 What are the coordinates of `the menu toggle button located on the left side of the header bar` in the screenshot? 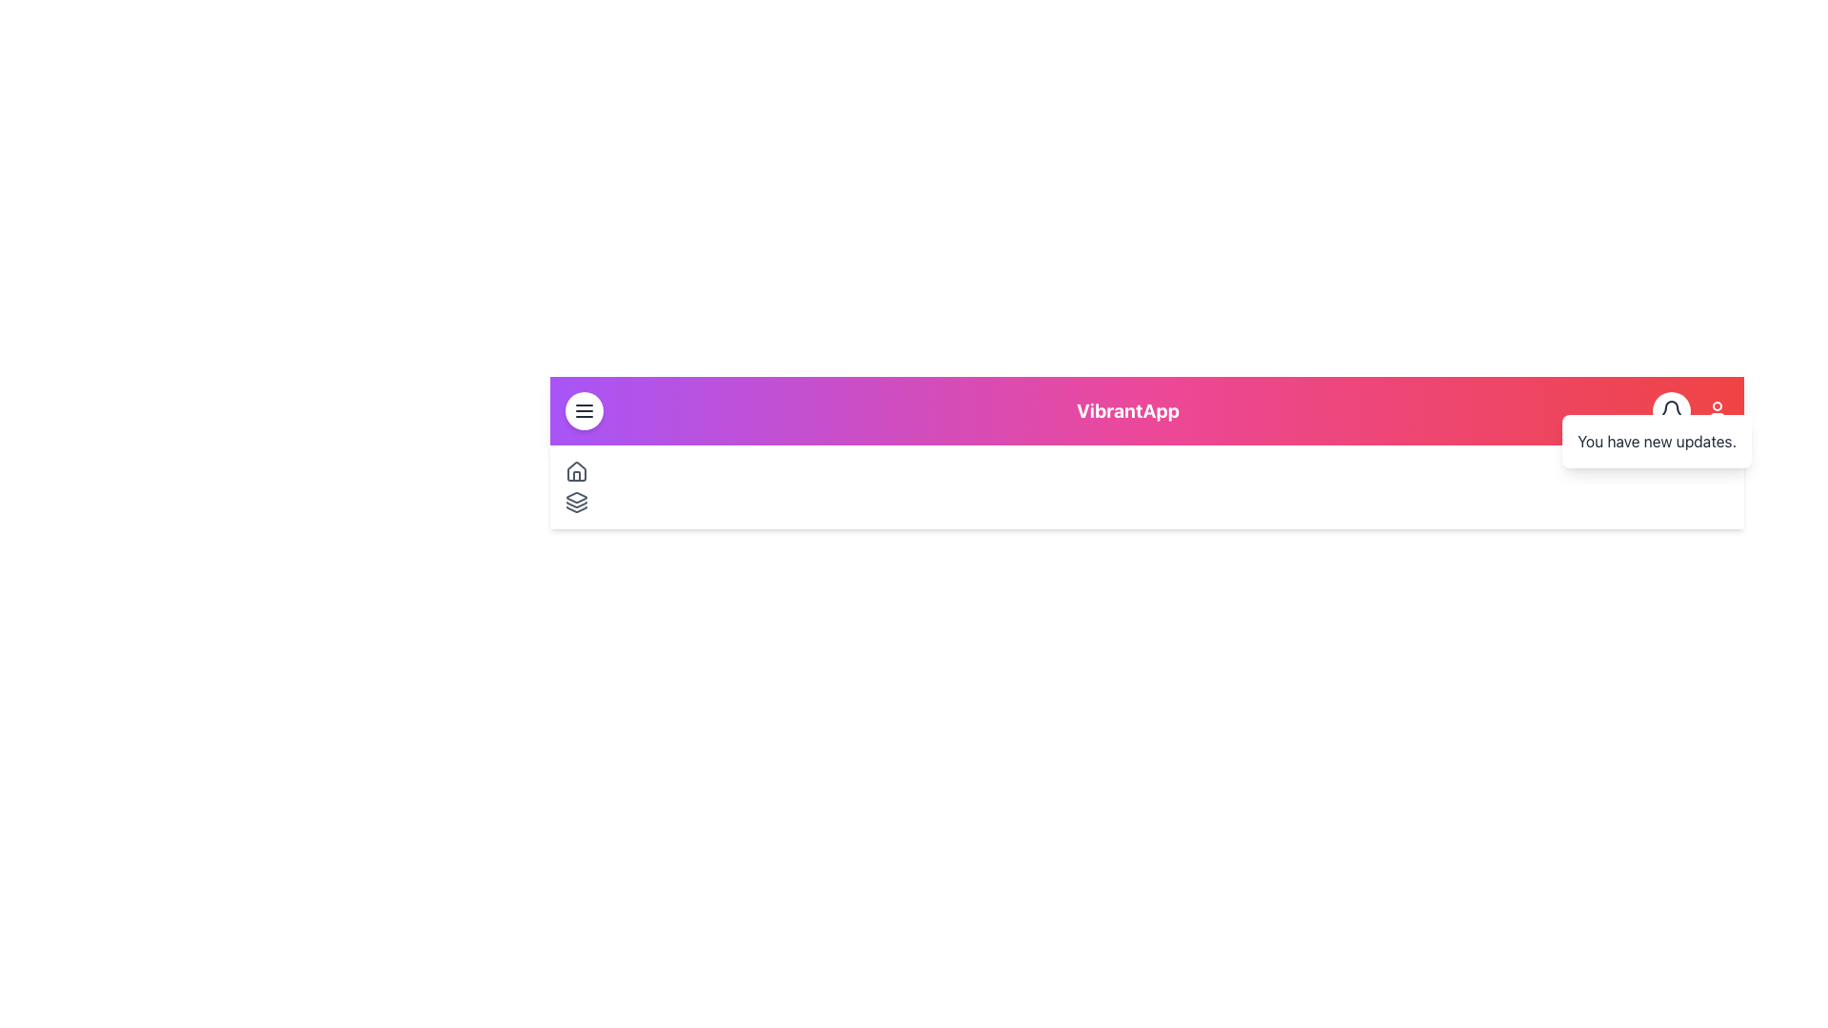 It's located at (584, 410).